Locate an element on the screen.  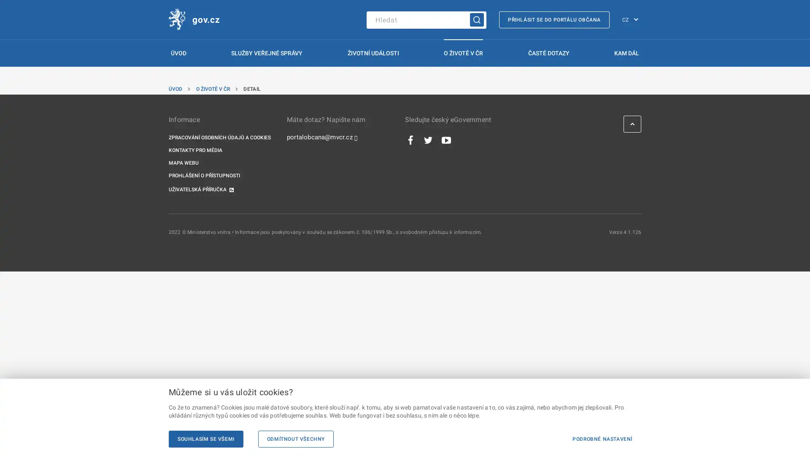
Hledat is located at coordinates (477, 19).